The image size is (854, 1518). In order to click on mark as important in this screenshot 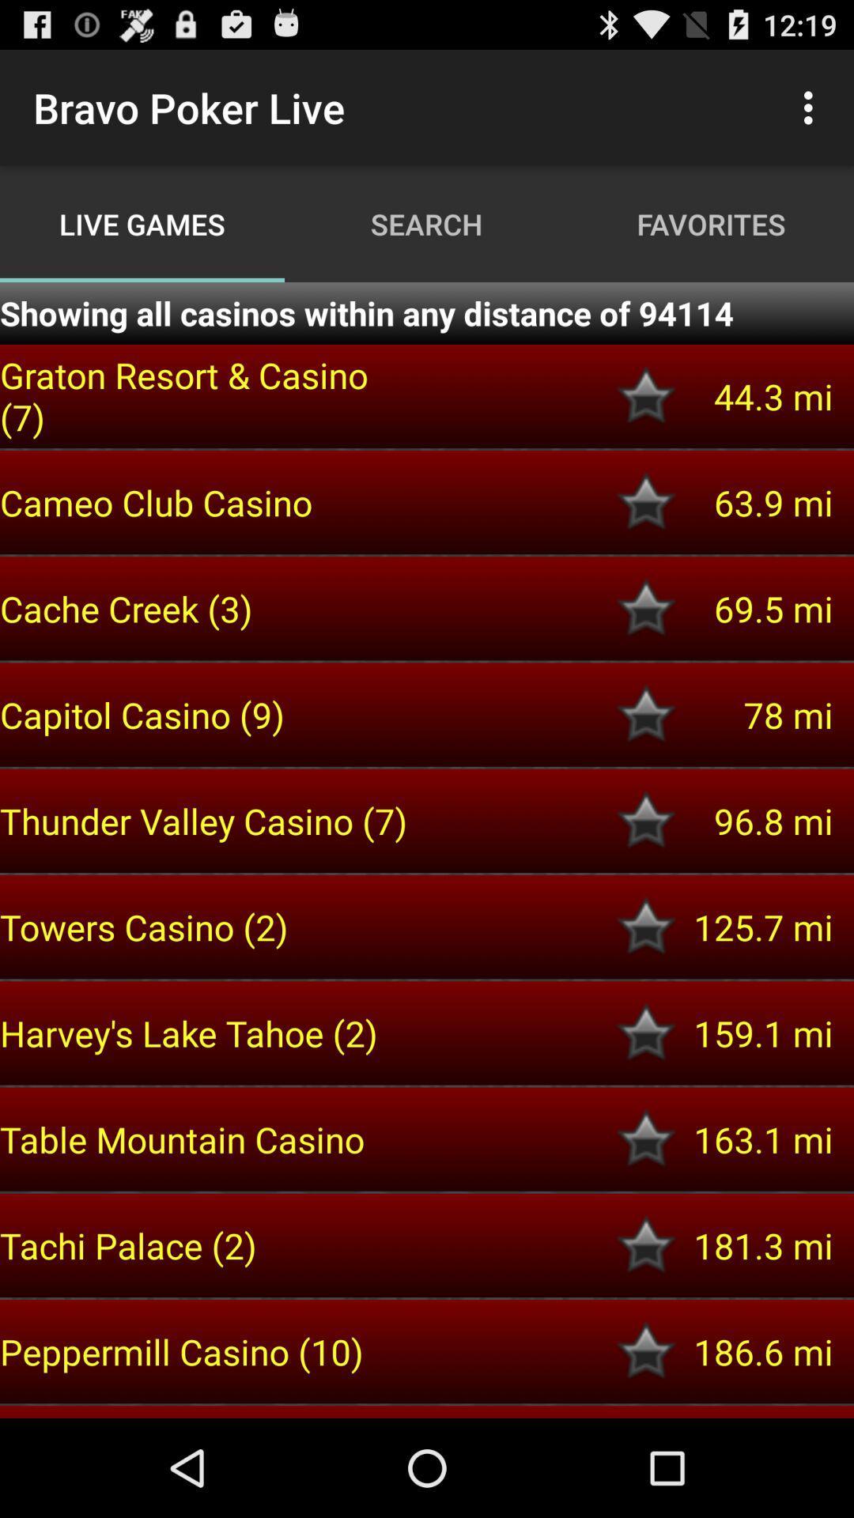, I will do `click(646, 927)`.